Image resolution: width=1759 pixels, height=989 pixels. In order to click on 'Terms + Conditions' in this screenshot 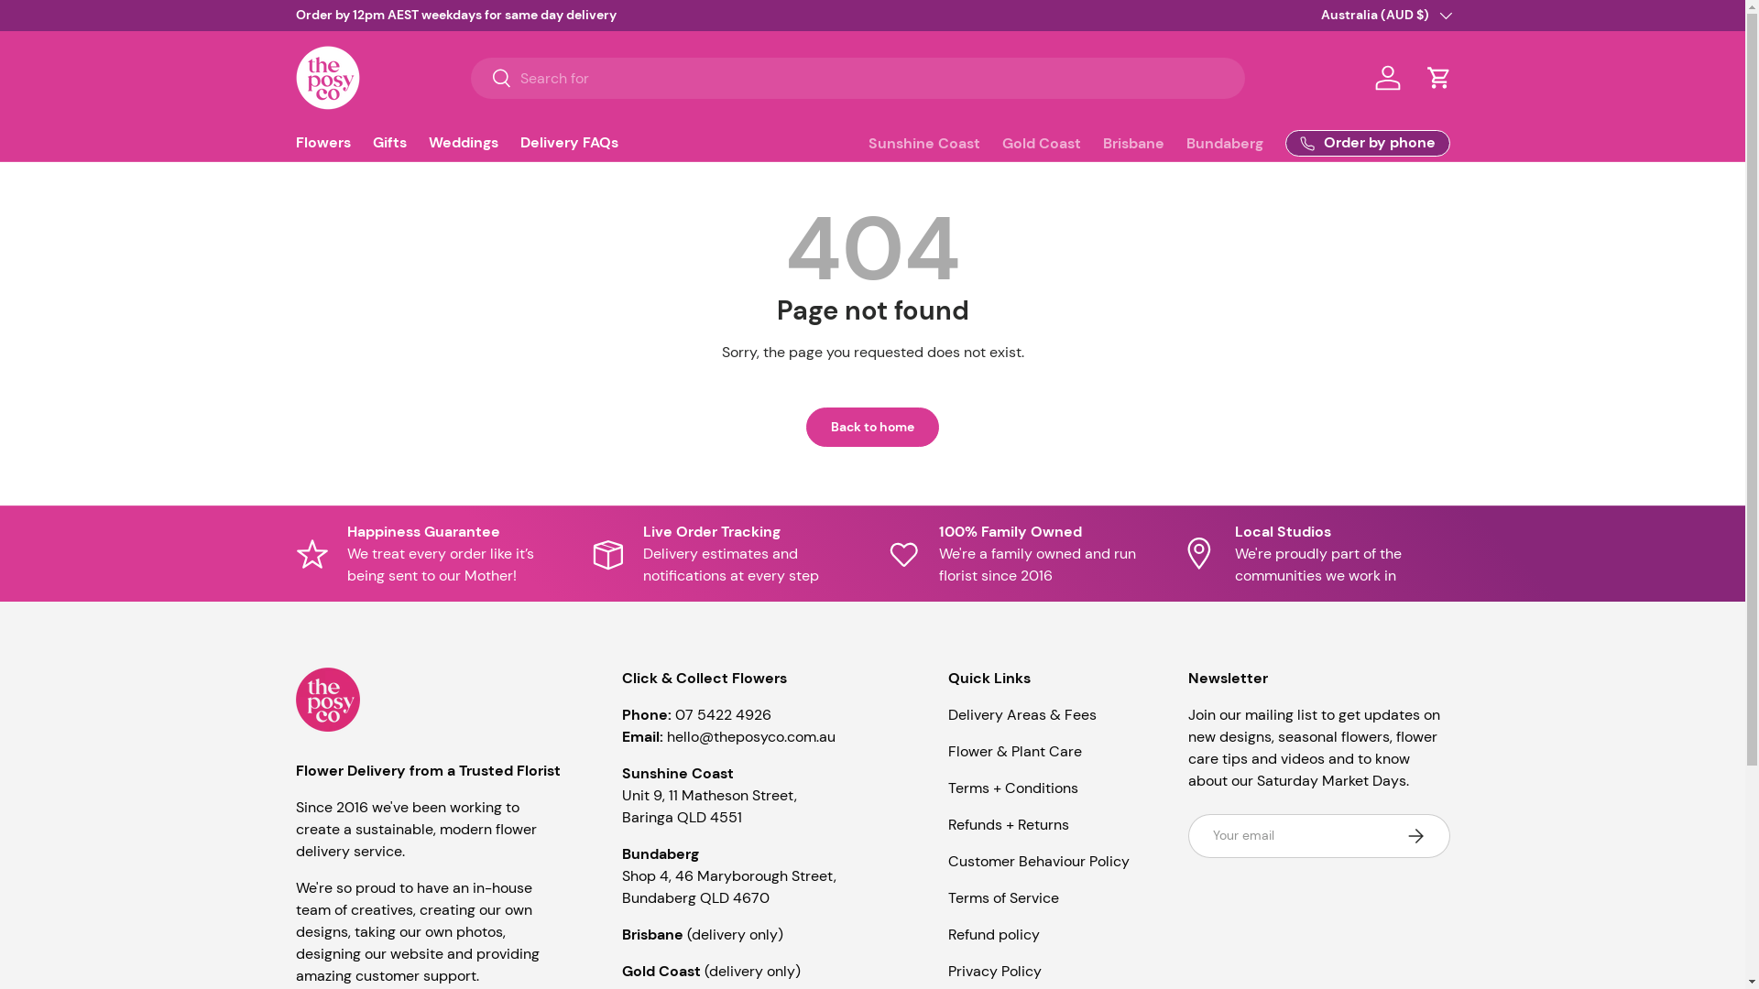, I will do `click(946, 787)`.